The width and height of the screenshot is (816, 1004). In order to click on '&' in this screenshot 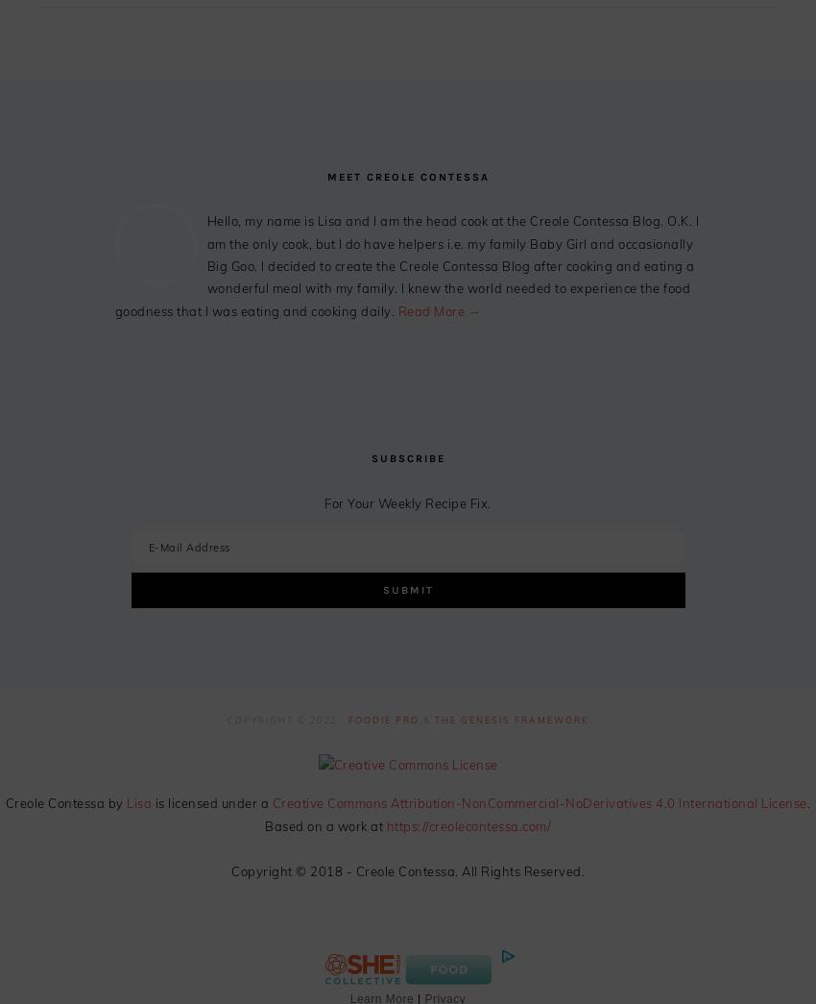, I will do `click(417, 718)`.